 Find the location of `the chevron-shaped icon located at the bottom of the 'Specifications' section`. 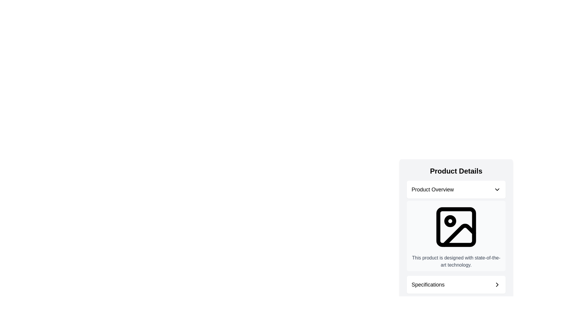

the chevron-shaped icon located at the bottom of the 'Specifications' section is located at coordinates (497, 284).